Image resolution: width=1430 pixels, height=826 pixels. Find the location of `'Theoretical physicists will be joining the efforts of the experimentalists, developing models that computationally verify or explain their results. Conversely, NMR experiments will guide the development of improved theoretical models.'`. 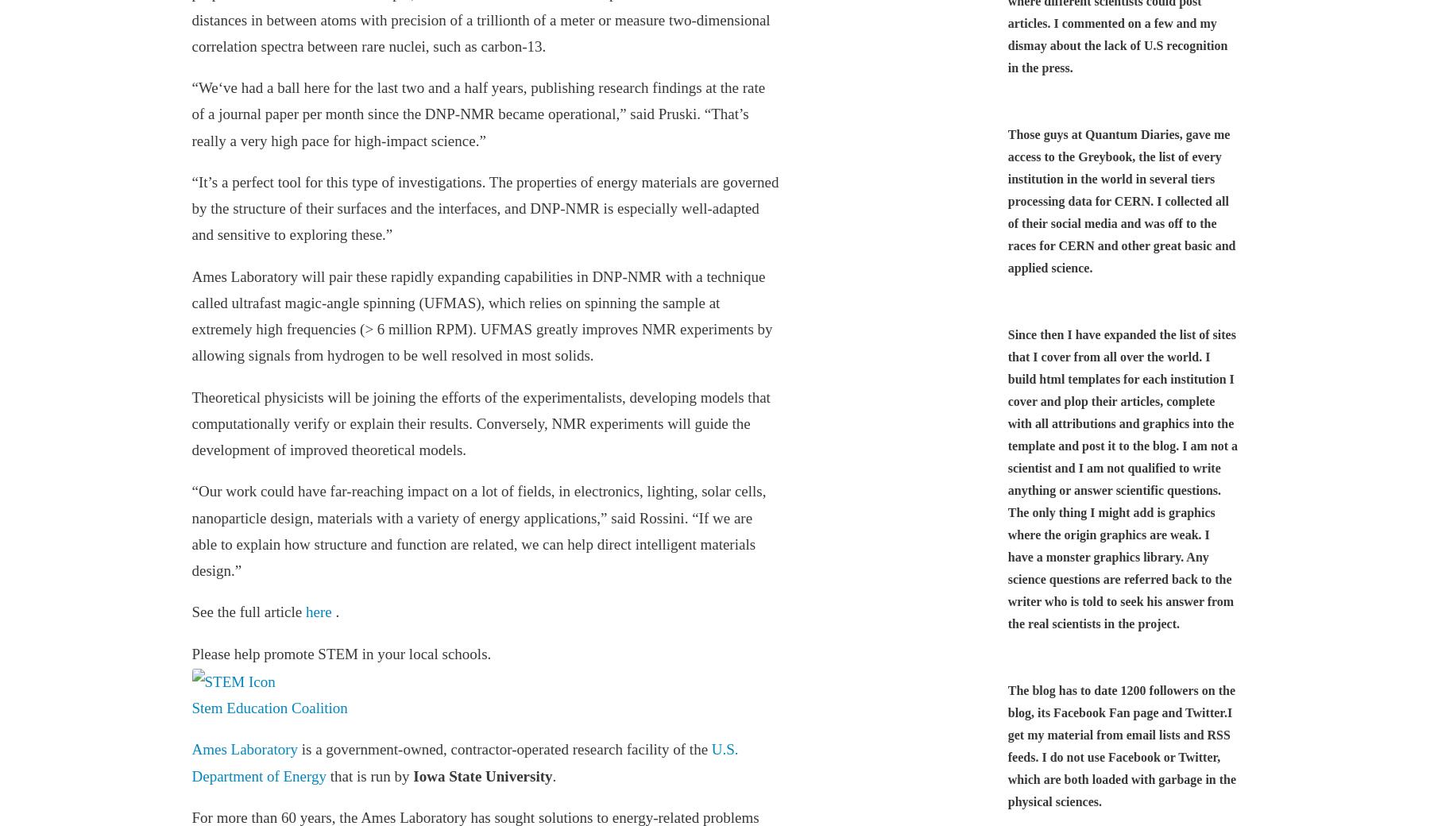

'Theoretical physicists will be joining the efforts of the experimentalists, developing models that computationally verify or explain their results. Conversely, NMR experiments will guide the development of improved theoretical models.' is located at coordinates (191, 423).